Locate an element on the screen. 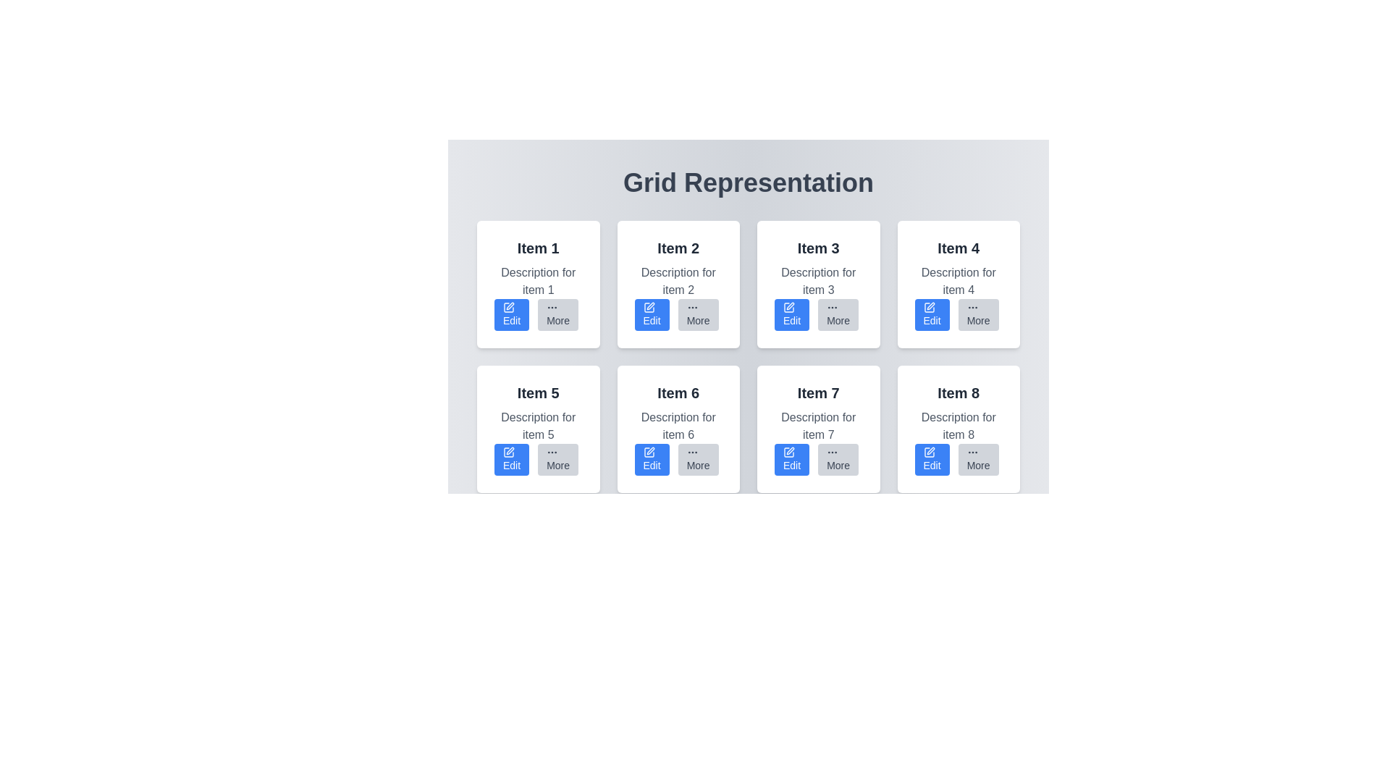  the 'Edit' icon located beneath the text 'Item 2 Description for item 2' to initiate the edit action is located at coordinates (648, 306).